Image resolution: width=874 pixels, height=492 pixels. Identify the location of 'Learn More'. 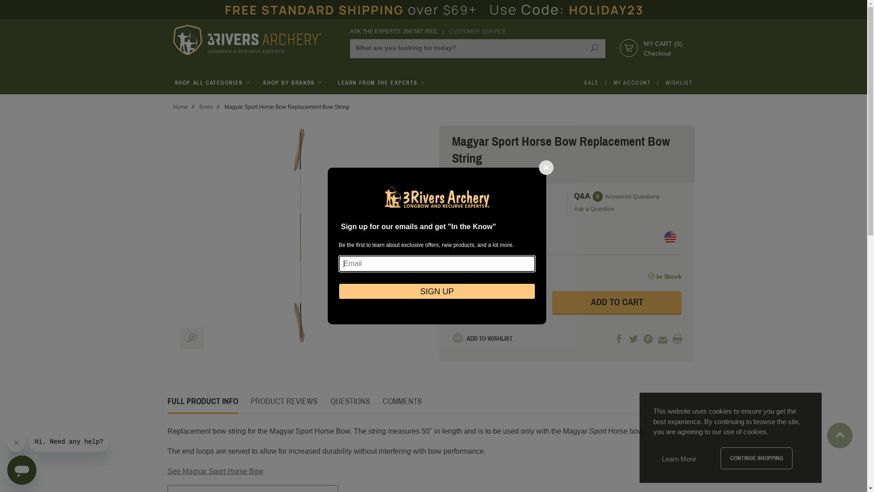
(679, 459).